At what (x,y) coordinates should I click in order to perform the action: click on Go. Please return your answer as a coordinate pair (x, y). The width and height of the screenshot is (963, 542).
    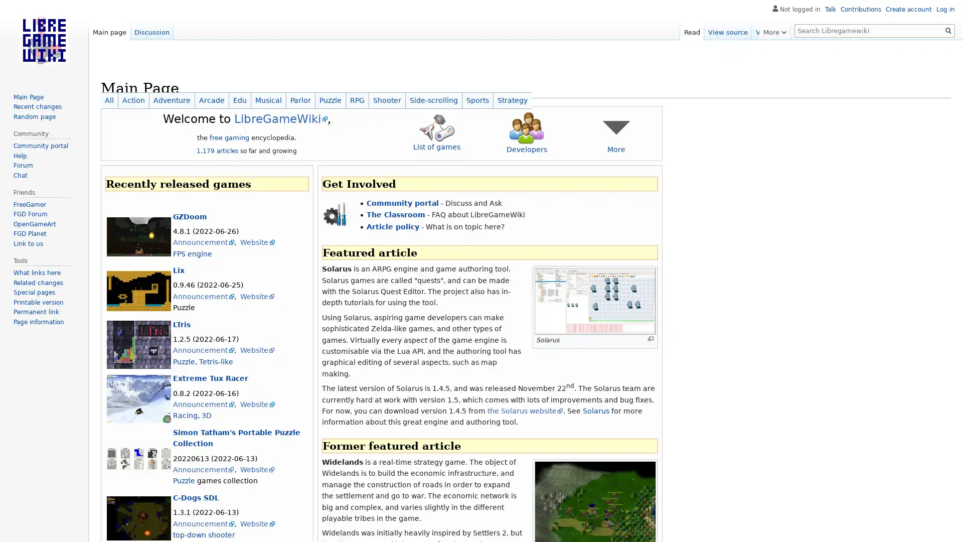
    Looking at the image, I should click on (948, 30).